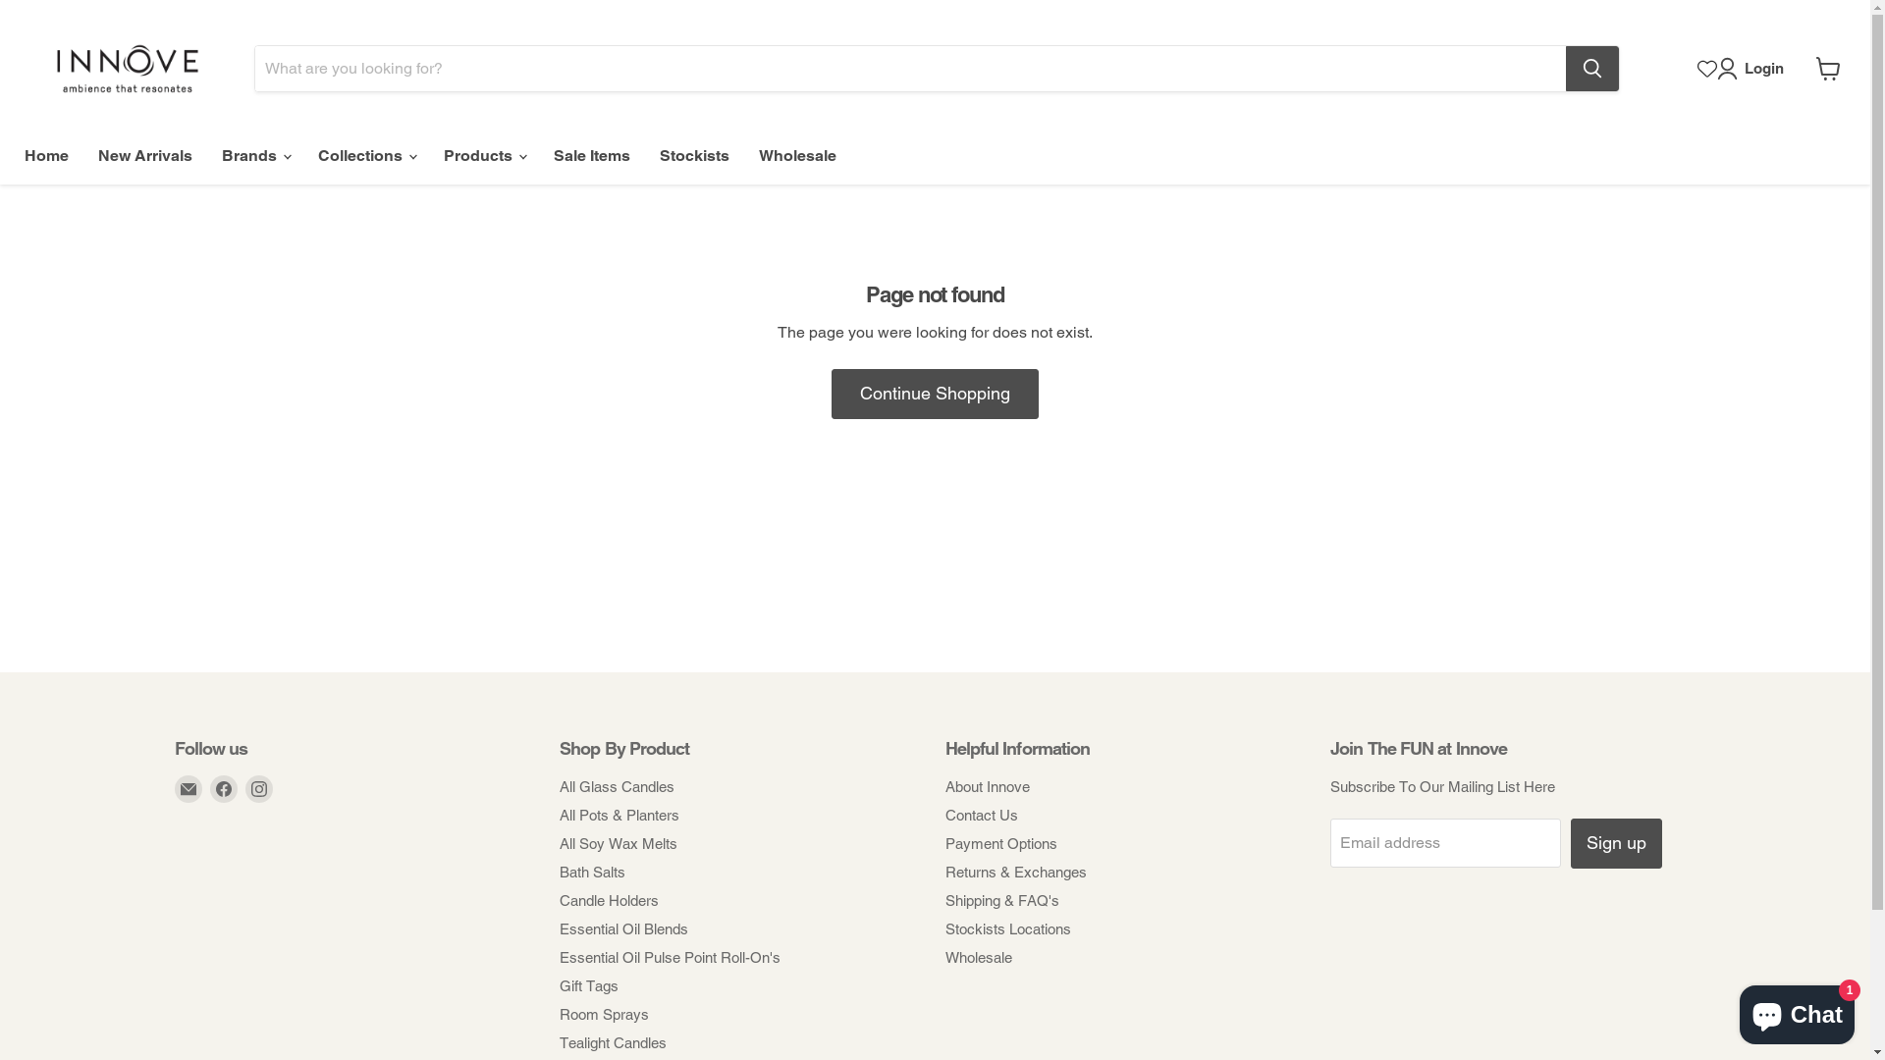 The width and height of the screenshot is (1885, 1060). Describe the element at coordinates (46, 154) in the screenshot. I see `'Home'` at that location.